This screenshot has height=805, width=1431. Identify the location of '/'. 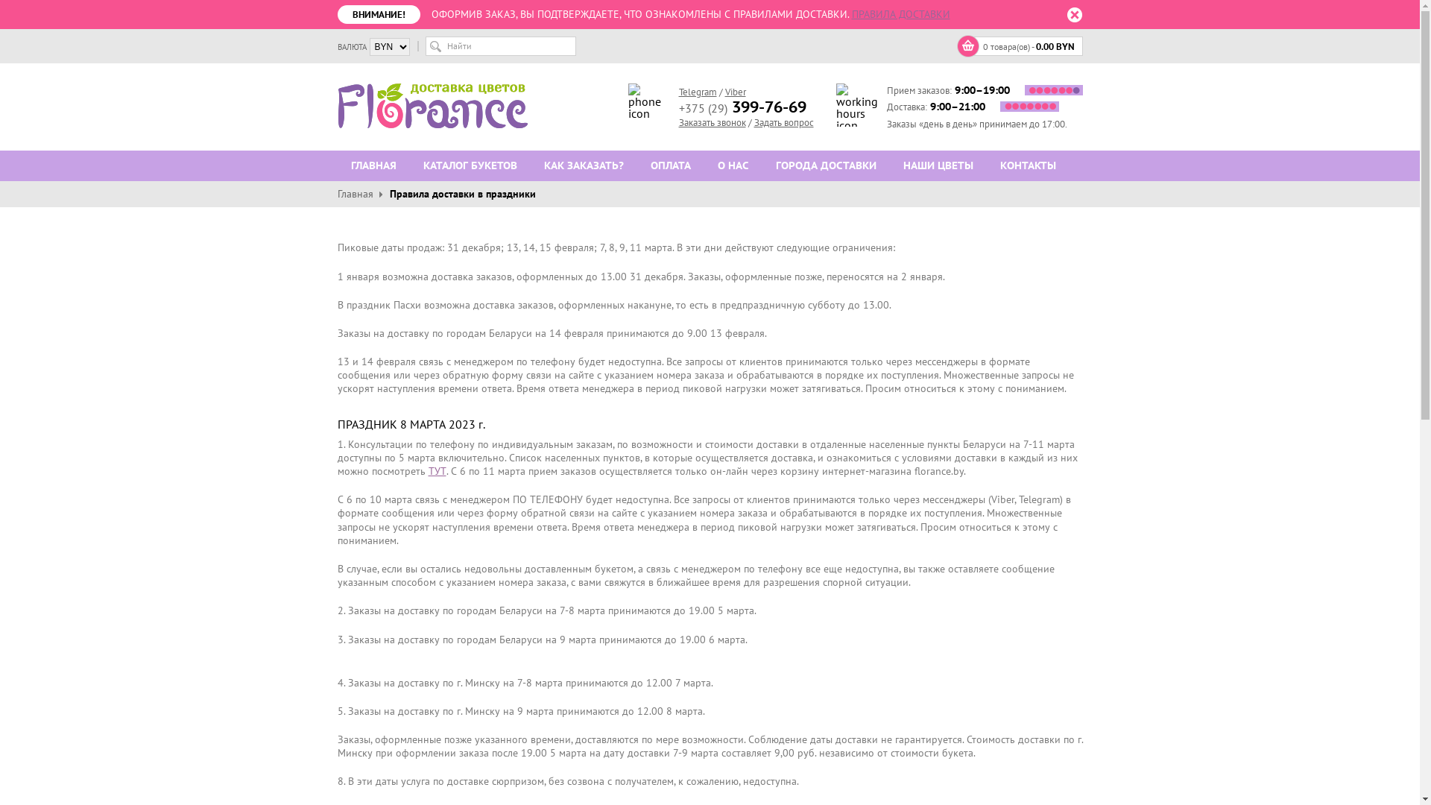
(749, 121).